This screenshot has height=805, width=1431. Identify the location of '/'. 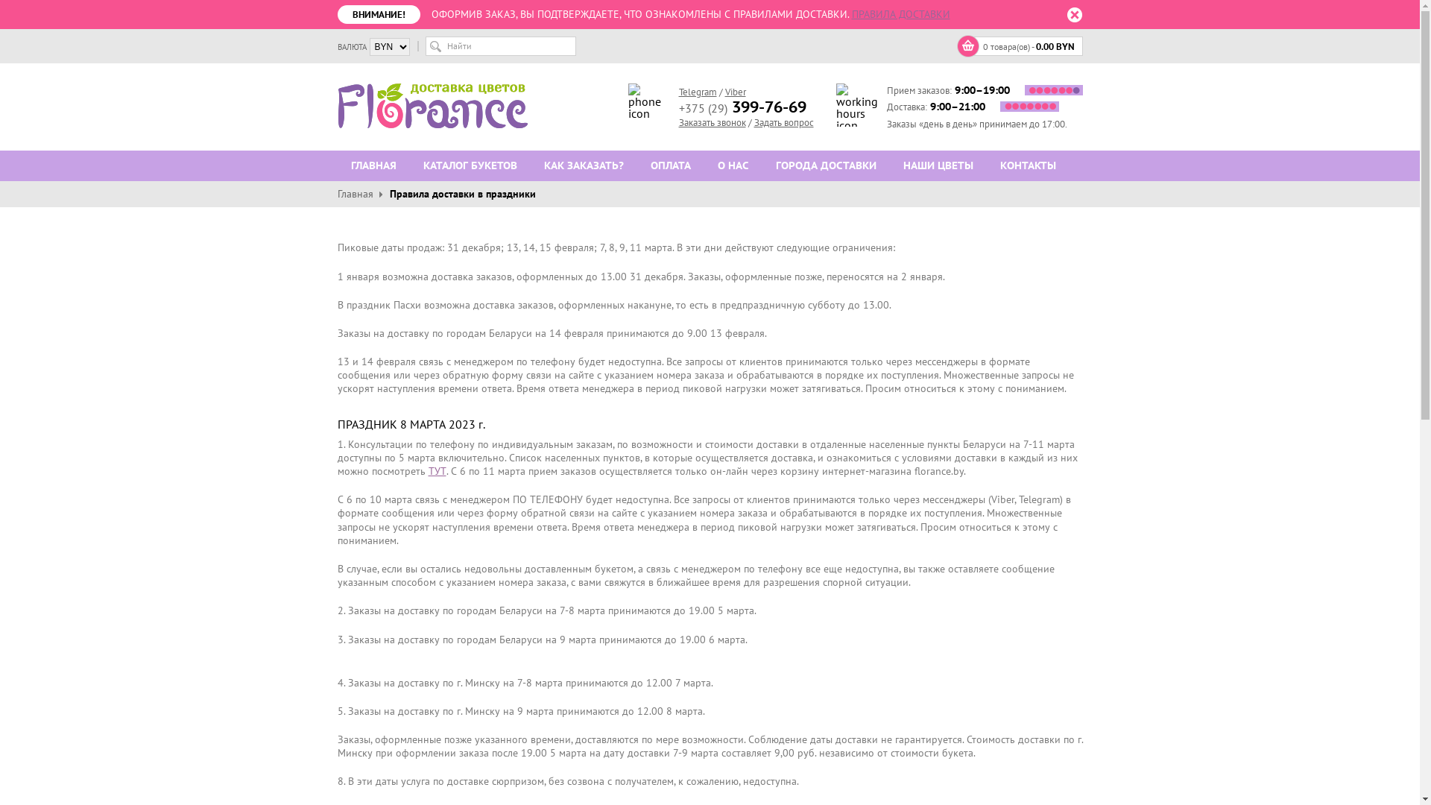
(749, 121).